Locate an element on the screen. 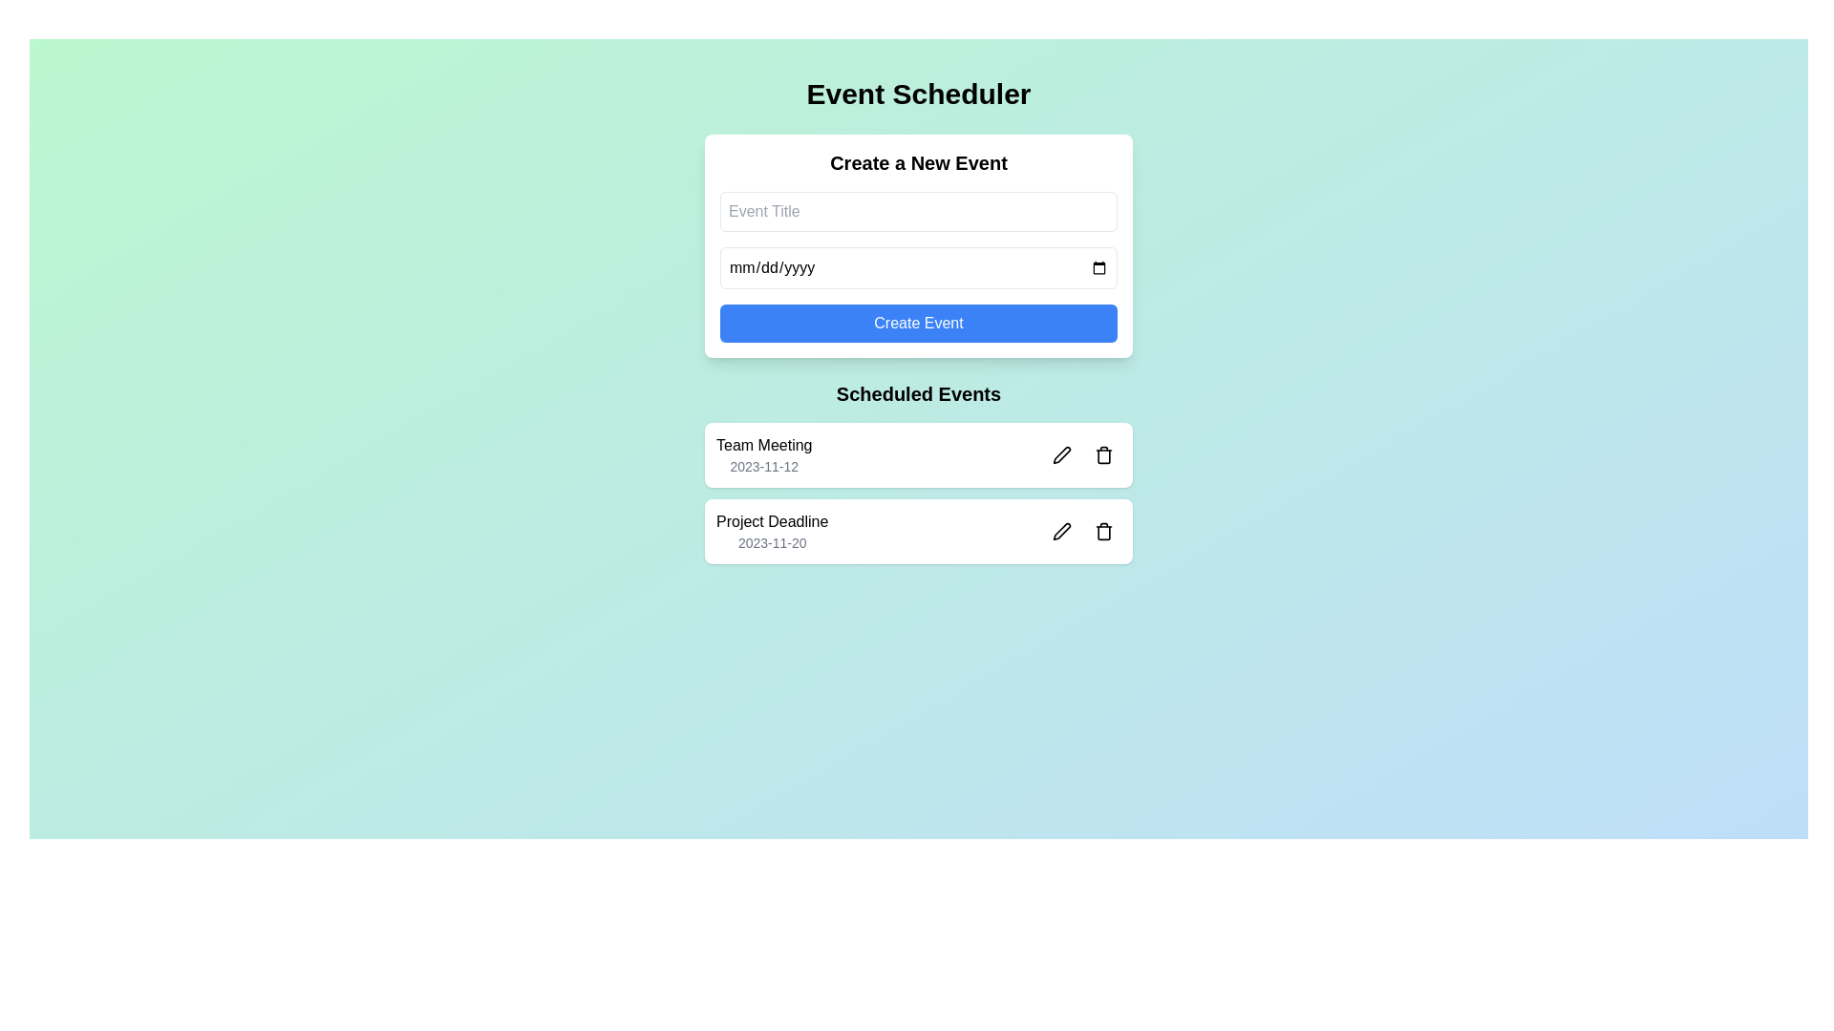 This screenshot has width=1834, height=1031. event information displayed in the 'Scheduled Events' section, specifically the text 'Team Meeting' and the date '2023-11-12', which is located in the first row above 'Project Deadline' is located at coordinates (764, 455).